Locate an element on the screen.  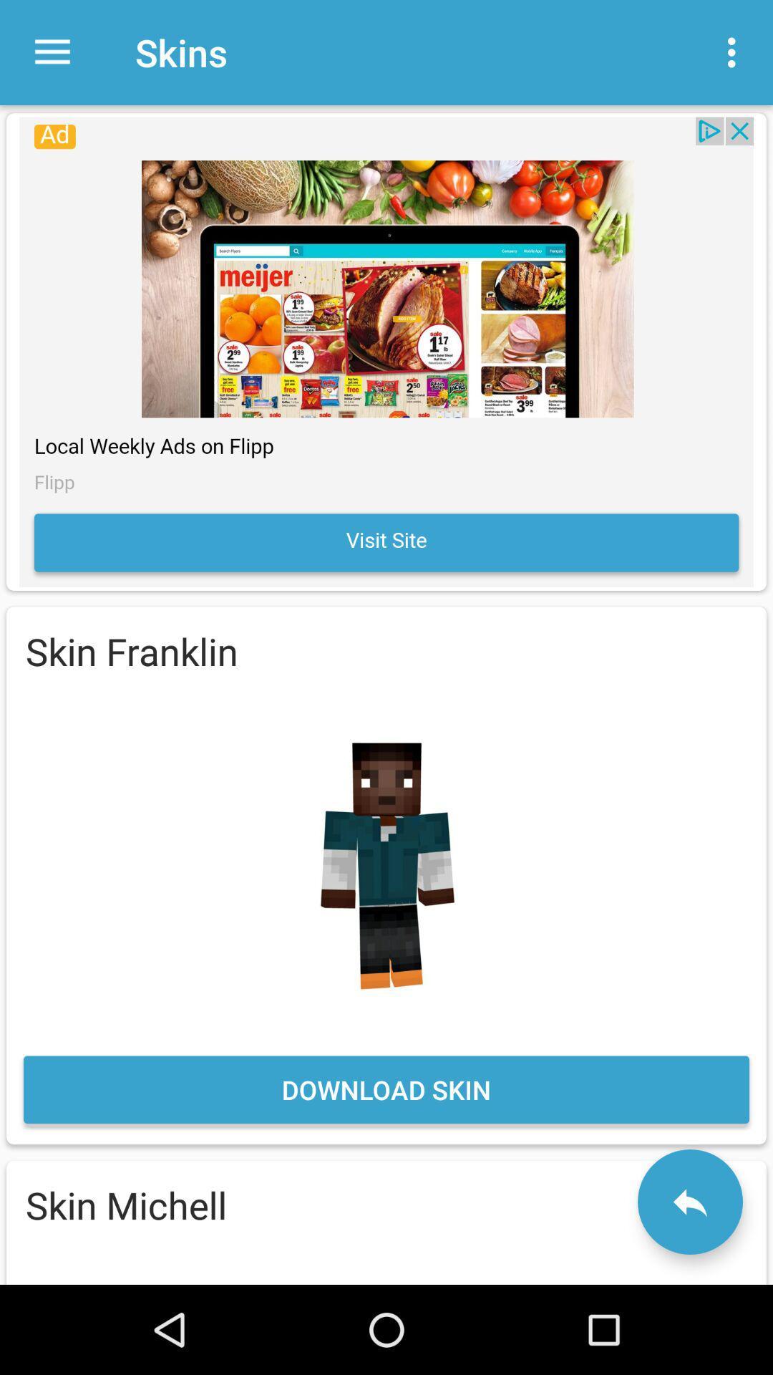
back button is located at coordinates (689, 1202).